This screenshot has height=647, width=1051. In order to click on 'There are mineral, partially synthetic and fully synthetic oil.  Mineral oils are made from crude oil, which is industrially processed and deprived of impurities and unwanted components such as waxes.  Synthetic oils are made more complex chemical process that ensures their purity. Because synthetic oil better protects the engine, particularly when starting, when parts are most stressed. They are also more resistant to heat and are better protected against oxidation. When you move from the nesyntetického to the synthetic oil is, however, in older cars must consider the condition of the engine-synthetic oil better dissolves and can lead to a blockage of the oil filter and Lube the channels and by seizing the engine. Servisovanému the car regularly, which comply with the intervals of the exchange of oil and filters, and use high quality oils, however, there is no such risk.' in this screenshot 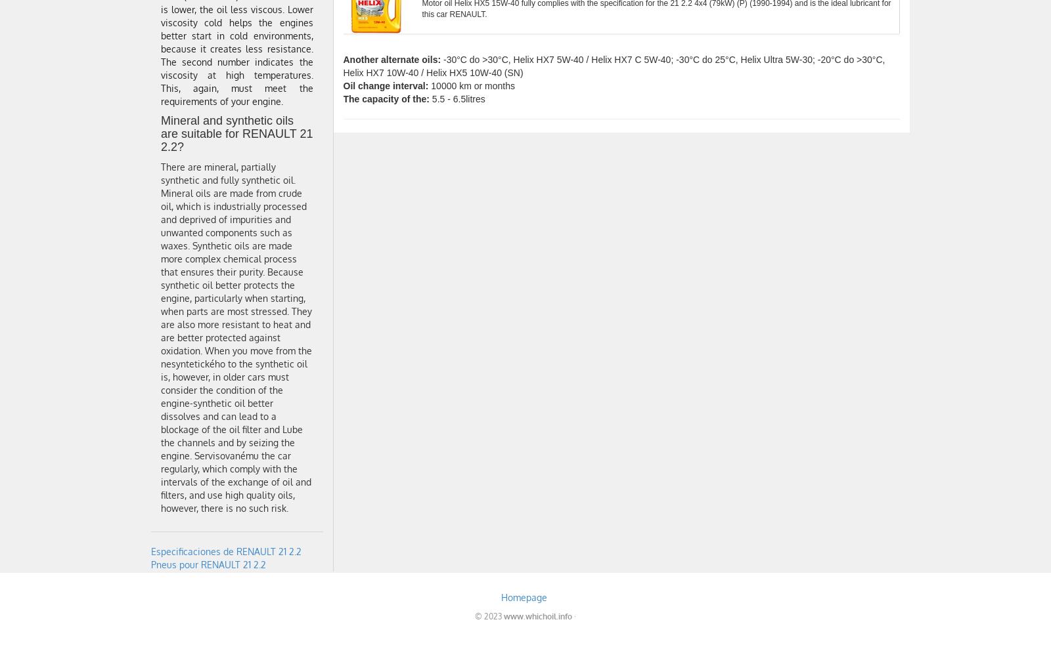, I will do `click(236, 336)`.